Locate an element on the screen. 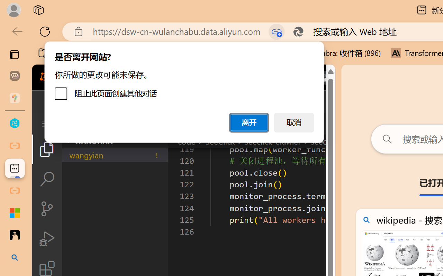 The width and height of the screenshot is (443, 276). 'Adjust indents and spacing - Microsoft Support' is located at coordinates (15, 213).